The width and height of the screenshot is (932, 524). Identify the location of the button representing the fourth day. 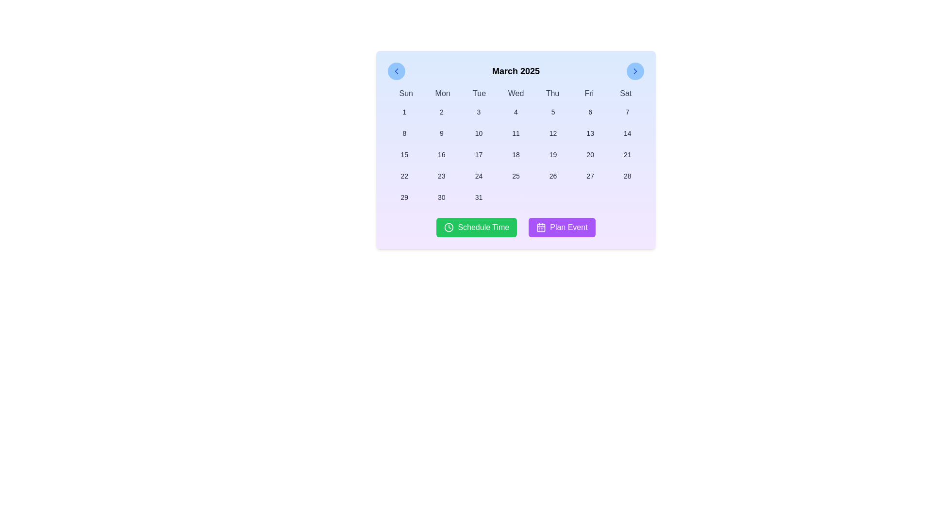
(515, 112).